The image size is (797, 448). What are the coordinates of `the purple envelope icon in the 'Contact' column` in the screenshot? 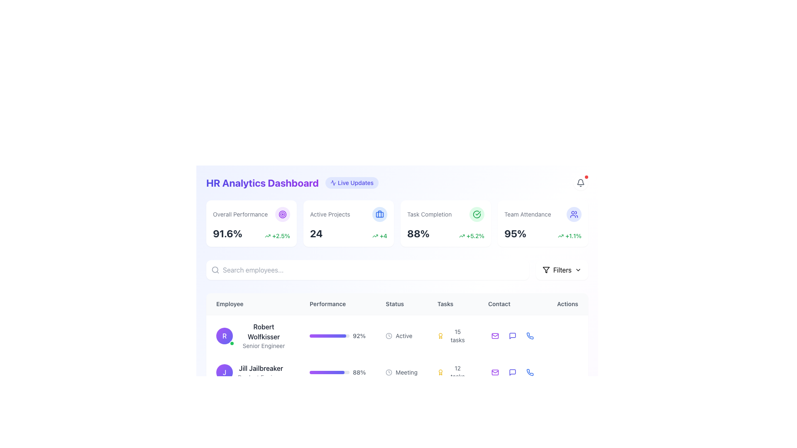 It's located at (495, 336).